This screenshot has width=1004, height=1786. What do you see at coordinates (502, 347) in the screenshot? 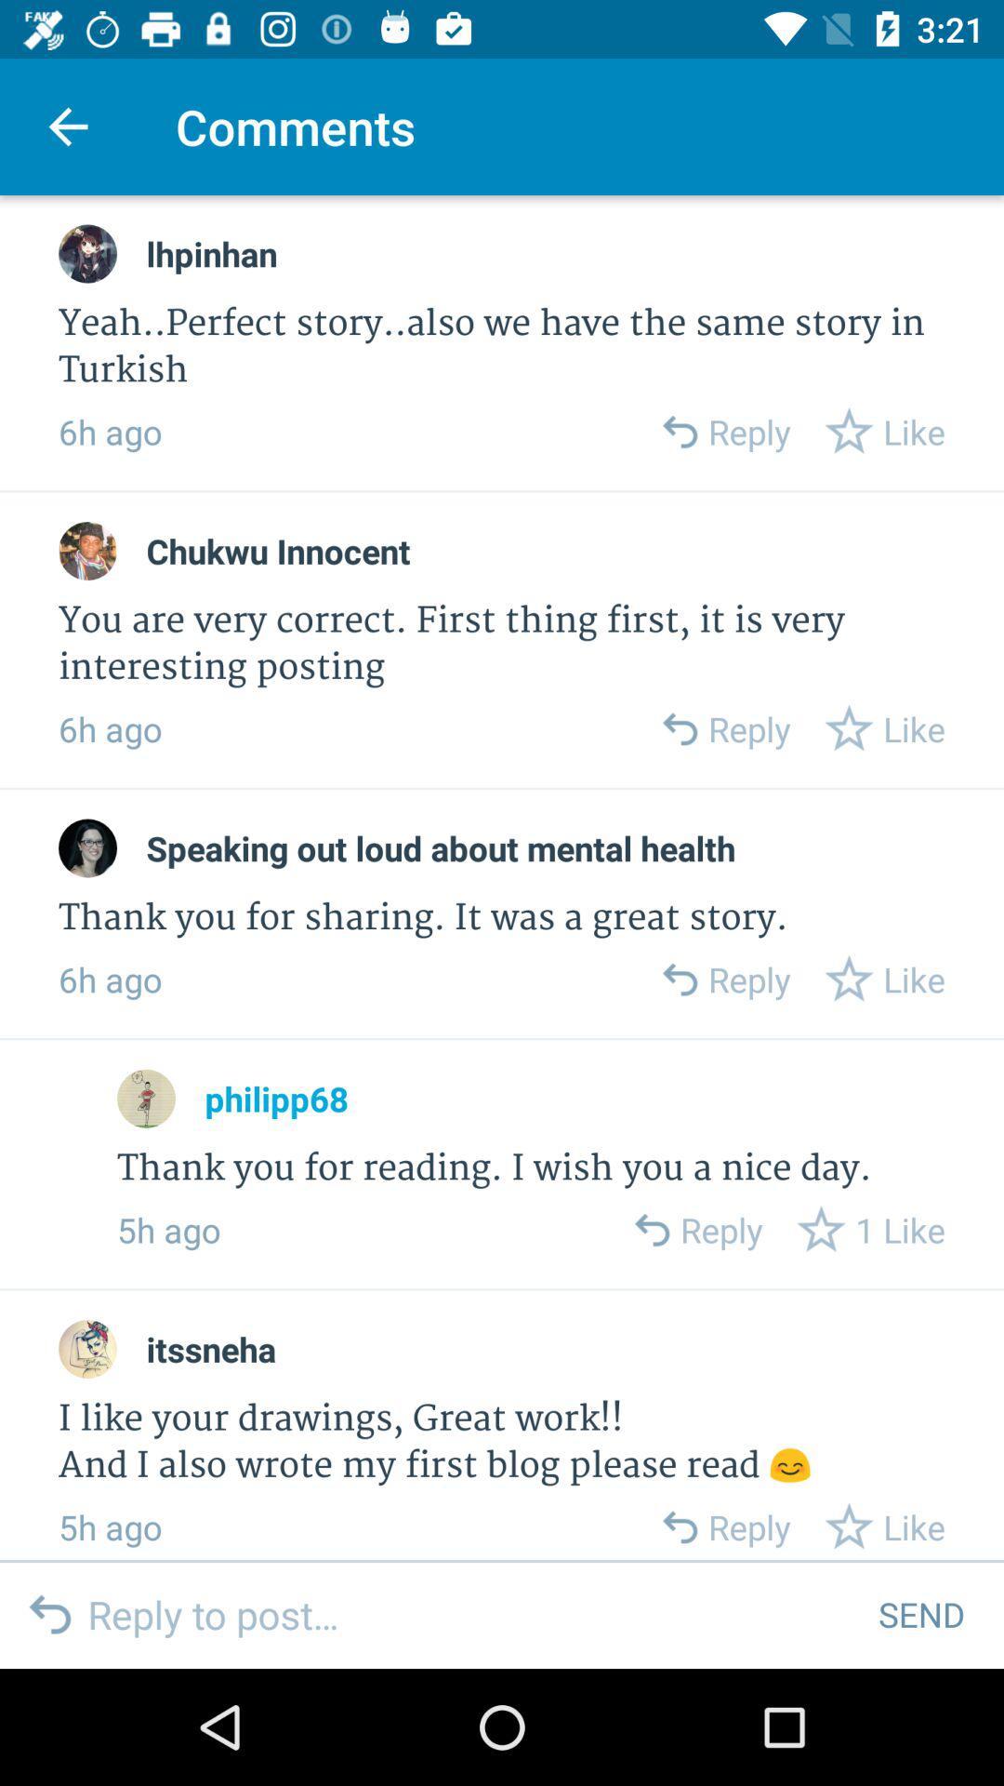
I see `the yeah perfect story icon` at bounding box center [502, 347].